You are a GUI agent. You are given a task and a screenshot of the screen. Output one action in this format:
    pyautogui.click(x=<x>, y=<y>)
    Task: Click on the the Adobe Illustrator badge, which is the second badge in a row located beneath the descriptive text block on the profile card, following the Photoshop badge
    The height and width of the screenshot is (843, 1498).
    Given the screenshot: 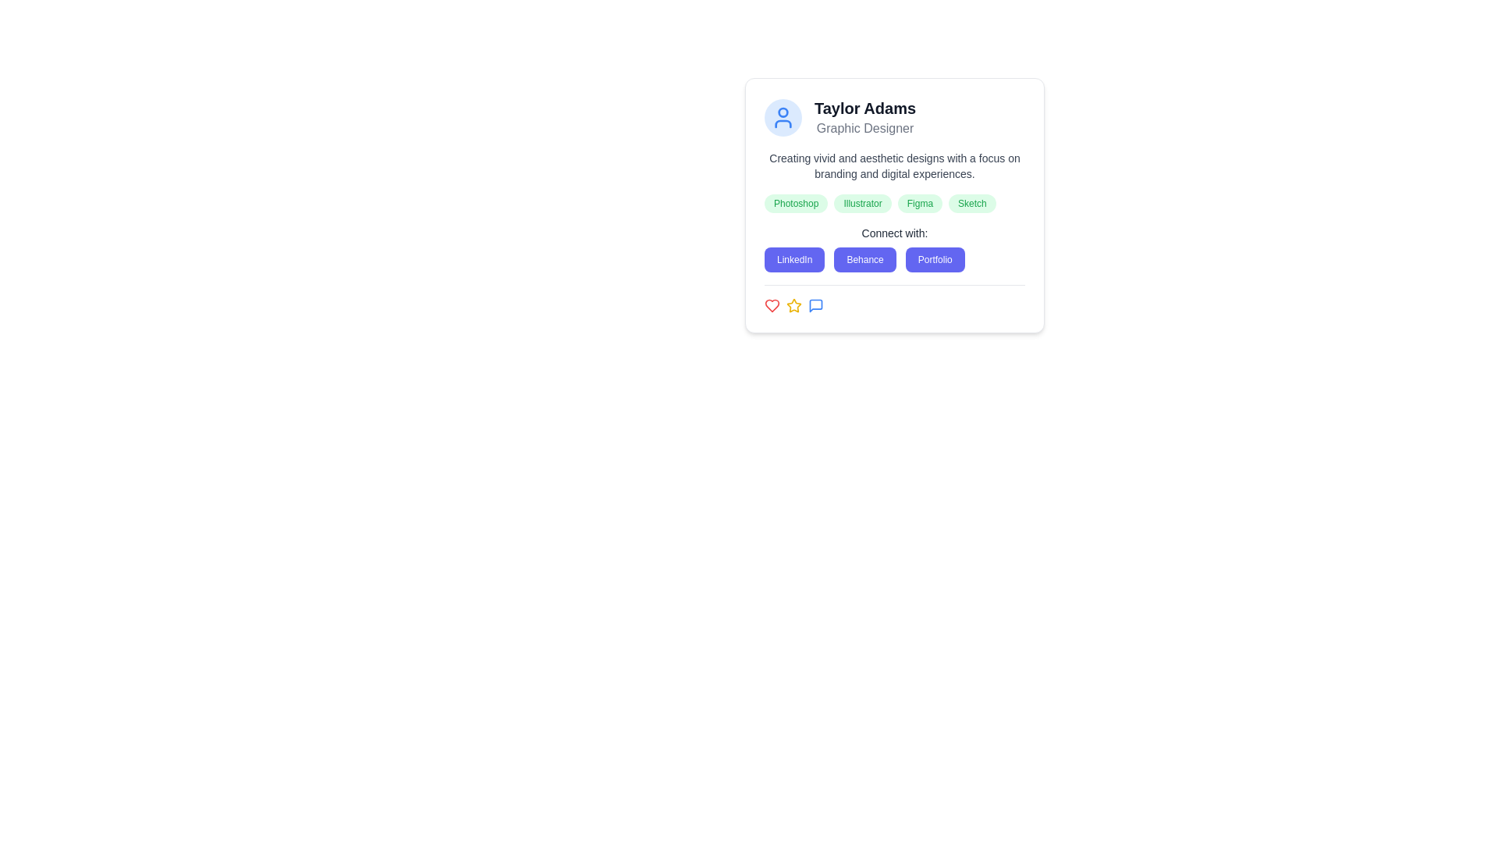 What is the action you would take?
    pyautogui.click(x=862, y=203)
    